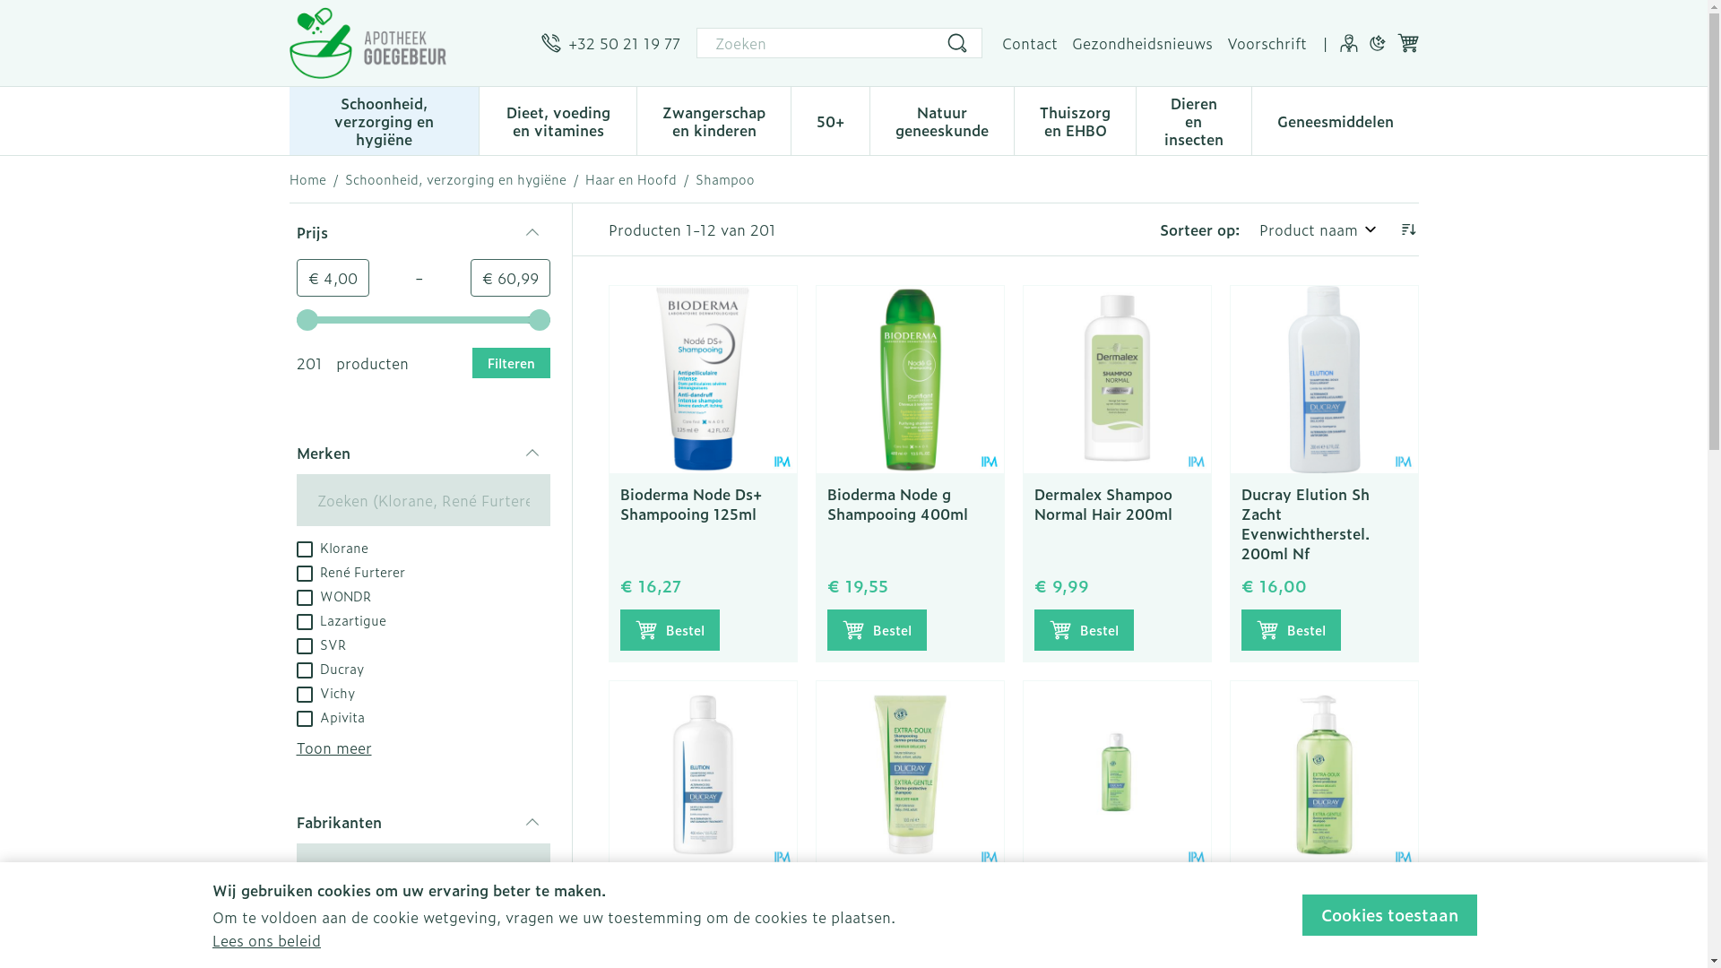  What do you see at coordinates (941, 118) in the screenshot?
I see `'Natuur geneeskunde'` at bounding box center [941, 118].